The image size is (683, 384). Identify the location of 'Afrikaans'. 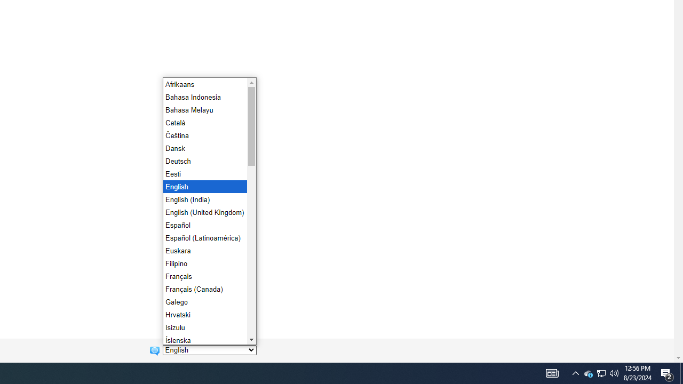
(204, 84).